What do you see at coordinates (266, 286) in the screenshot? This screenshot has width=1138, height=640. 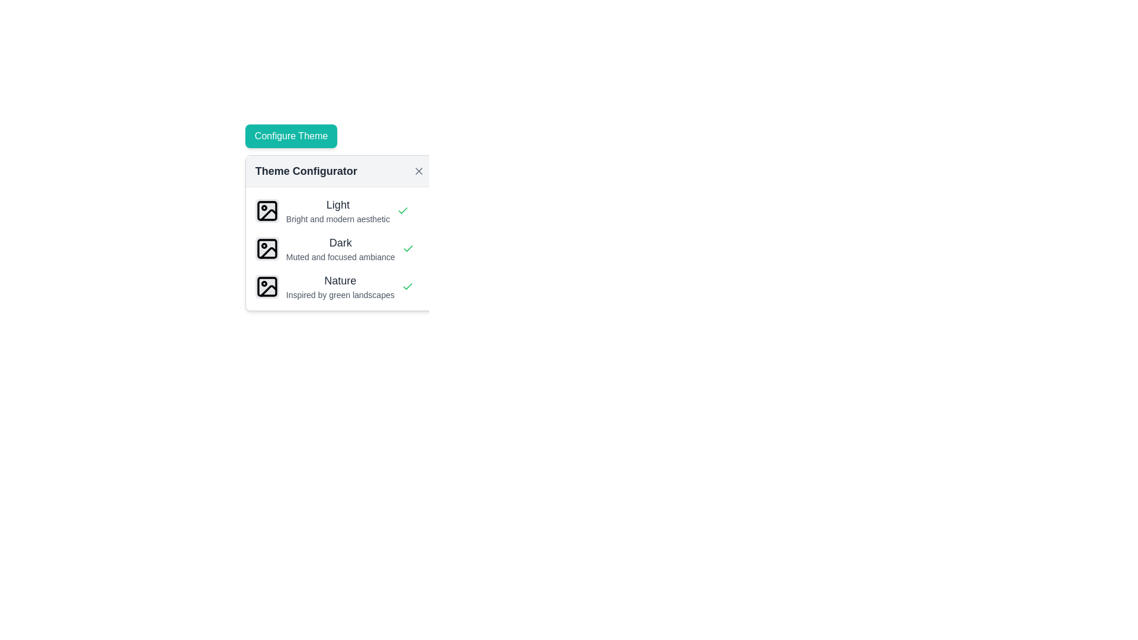 I see `the 'Nature' theme graphical icon, which is the first item in the list of theme options, located to the left of the text 'Nature' and above 'Inspired by green landscapes'` at bounding box center [266, 286].